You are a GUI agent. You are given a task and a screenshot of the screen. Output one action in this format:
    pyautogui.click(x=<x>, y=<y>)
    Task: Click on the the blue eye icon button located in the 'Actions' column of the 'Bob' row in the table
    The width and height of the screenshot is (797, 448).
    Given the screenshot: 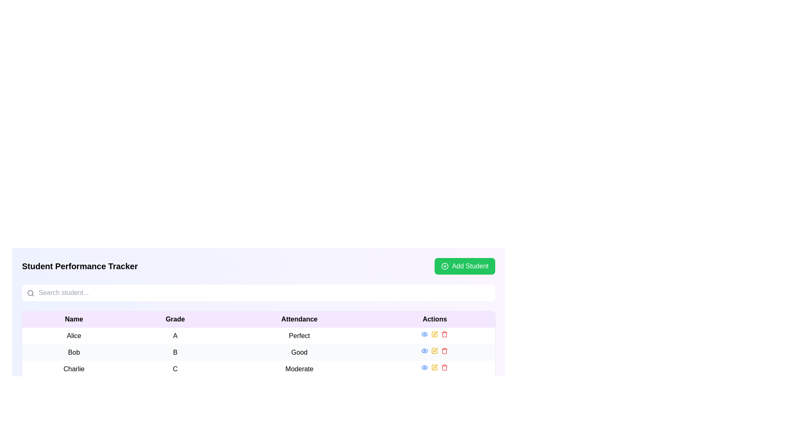 What is the action you would take?
    pyautogui.click(x=425, y=351)
    